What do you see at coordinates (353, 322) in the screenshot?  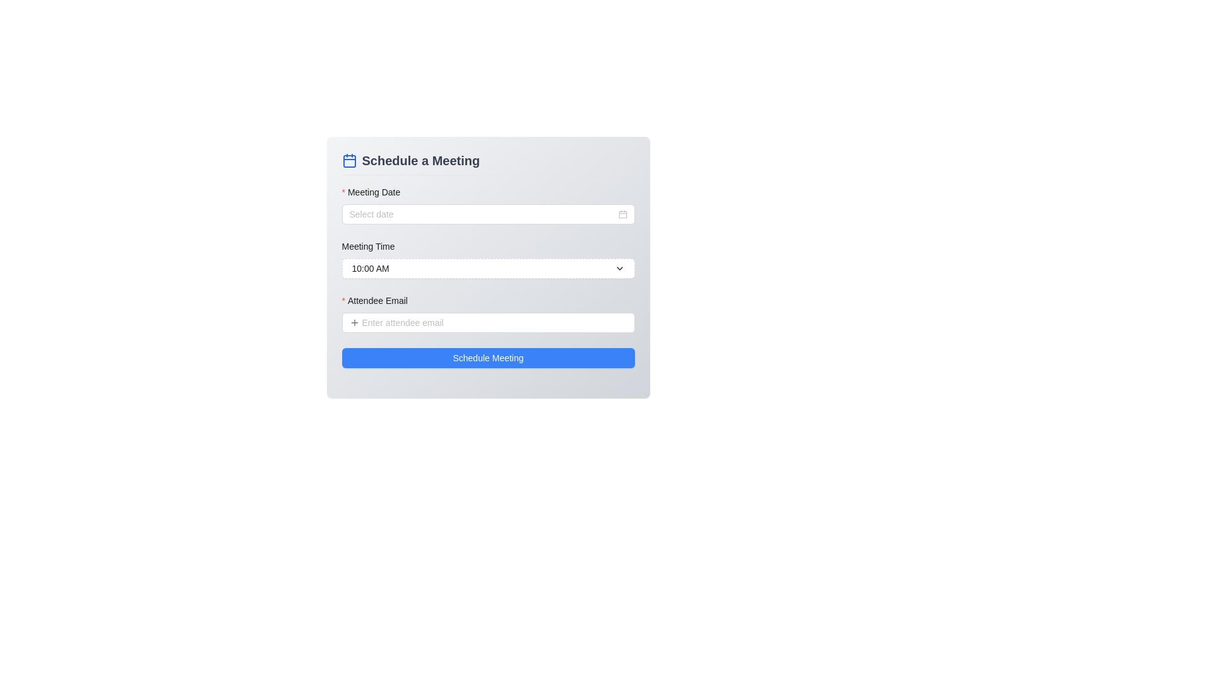 I see `the gray plus icon located inside the 'Attendee Email' input field, which is positioned to the left of the 'Enter attendee email' placeholder text` at bounding box center [353, 322].